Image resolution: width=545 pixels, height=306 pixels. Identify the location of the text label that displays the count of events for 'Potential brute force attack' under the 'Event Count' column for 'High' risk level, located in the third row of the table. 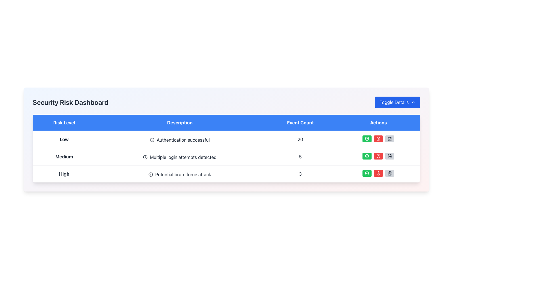
(300, 173).